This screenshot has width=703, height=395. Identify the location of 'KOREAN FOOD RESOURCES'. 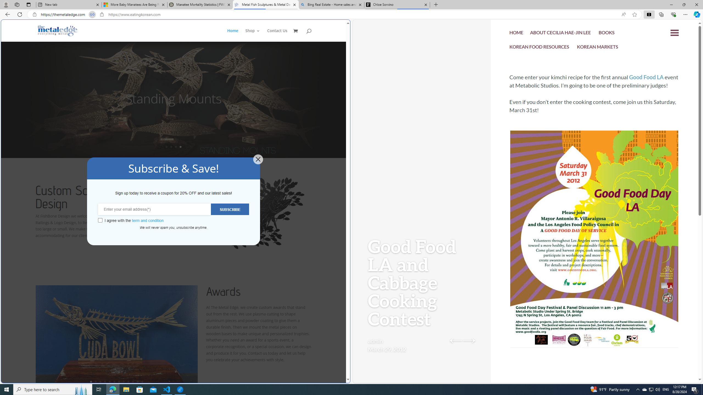
(539, 48).